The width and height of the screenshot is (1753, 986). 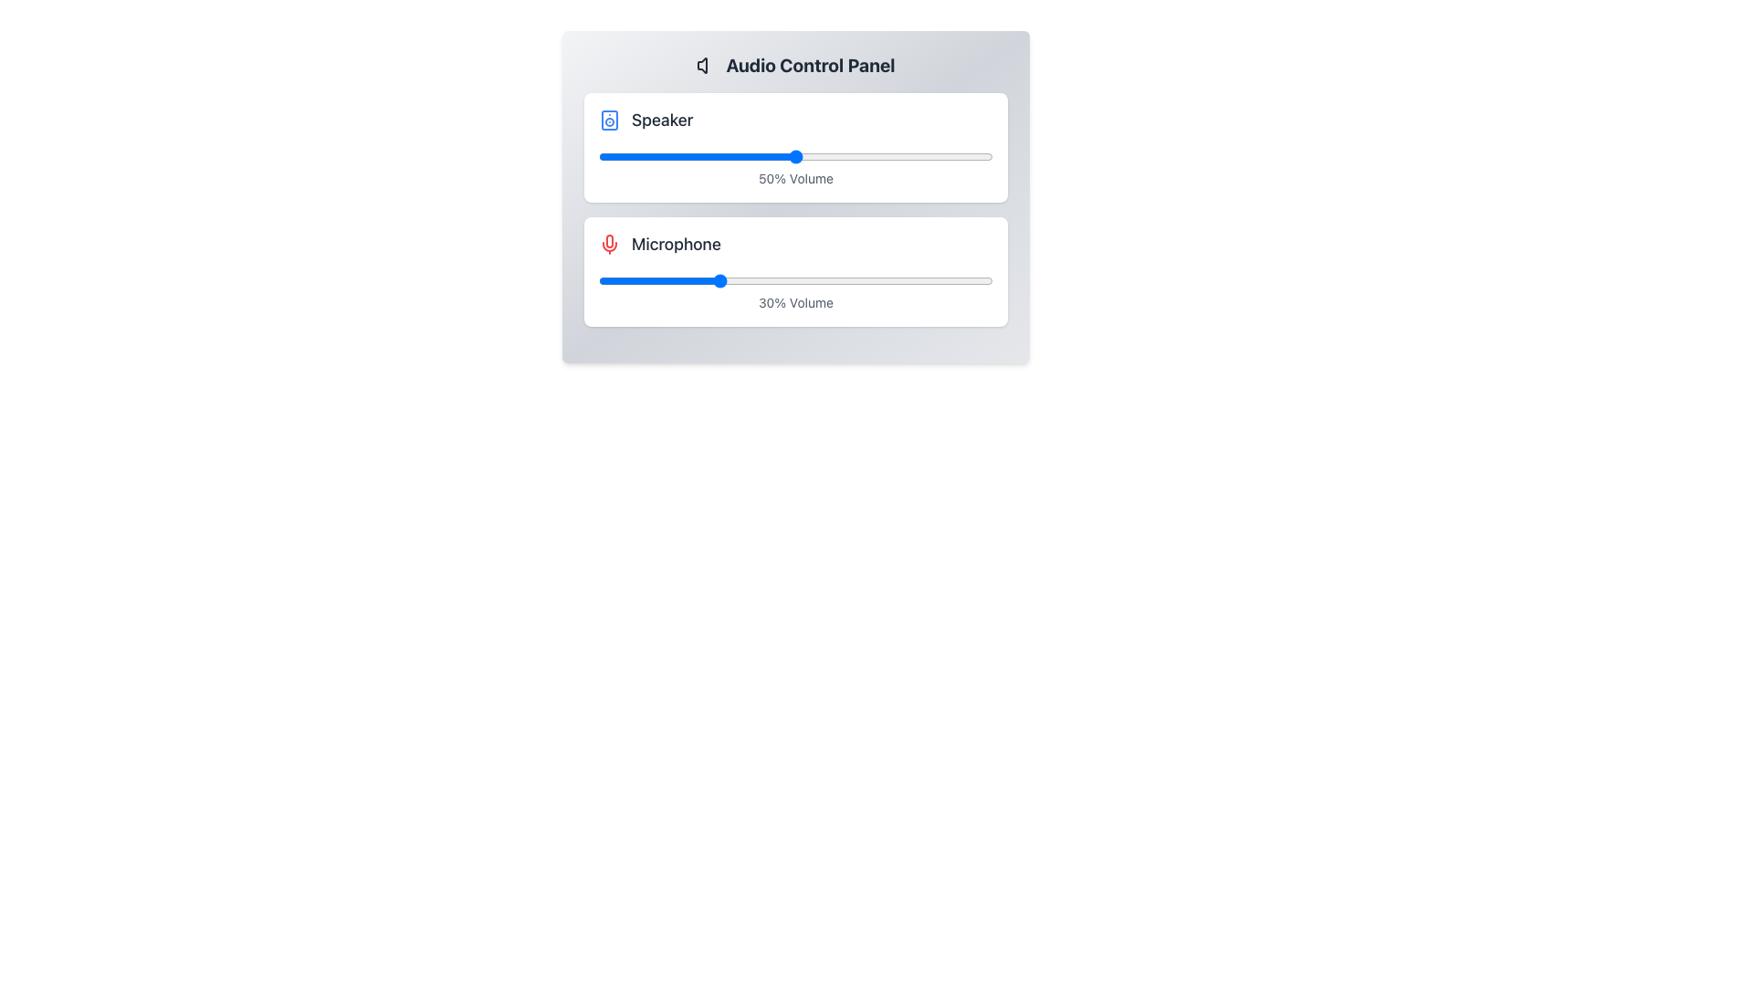 What do you see at coordinates (796, 197) in the screenshot?
I see `text labels for guidance from the composite UI panel containing interactive range sliders for volume adjustment, specifically the 'Speaker' and 'Microphone' sections` at bounding box center [796, 197].